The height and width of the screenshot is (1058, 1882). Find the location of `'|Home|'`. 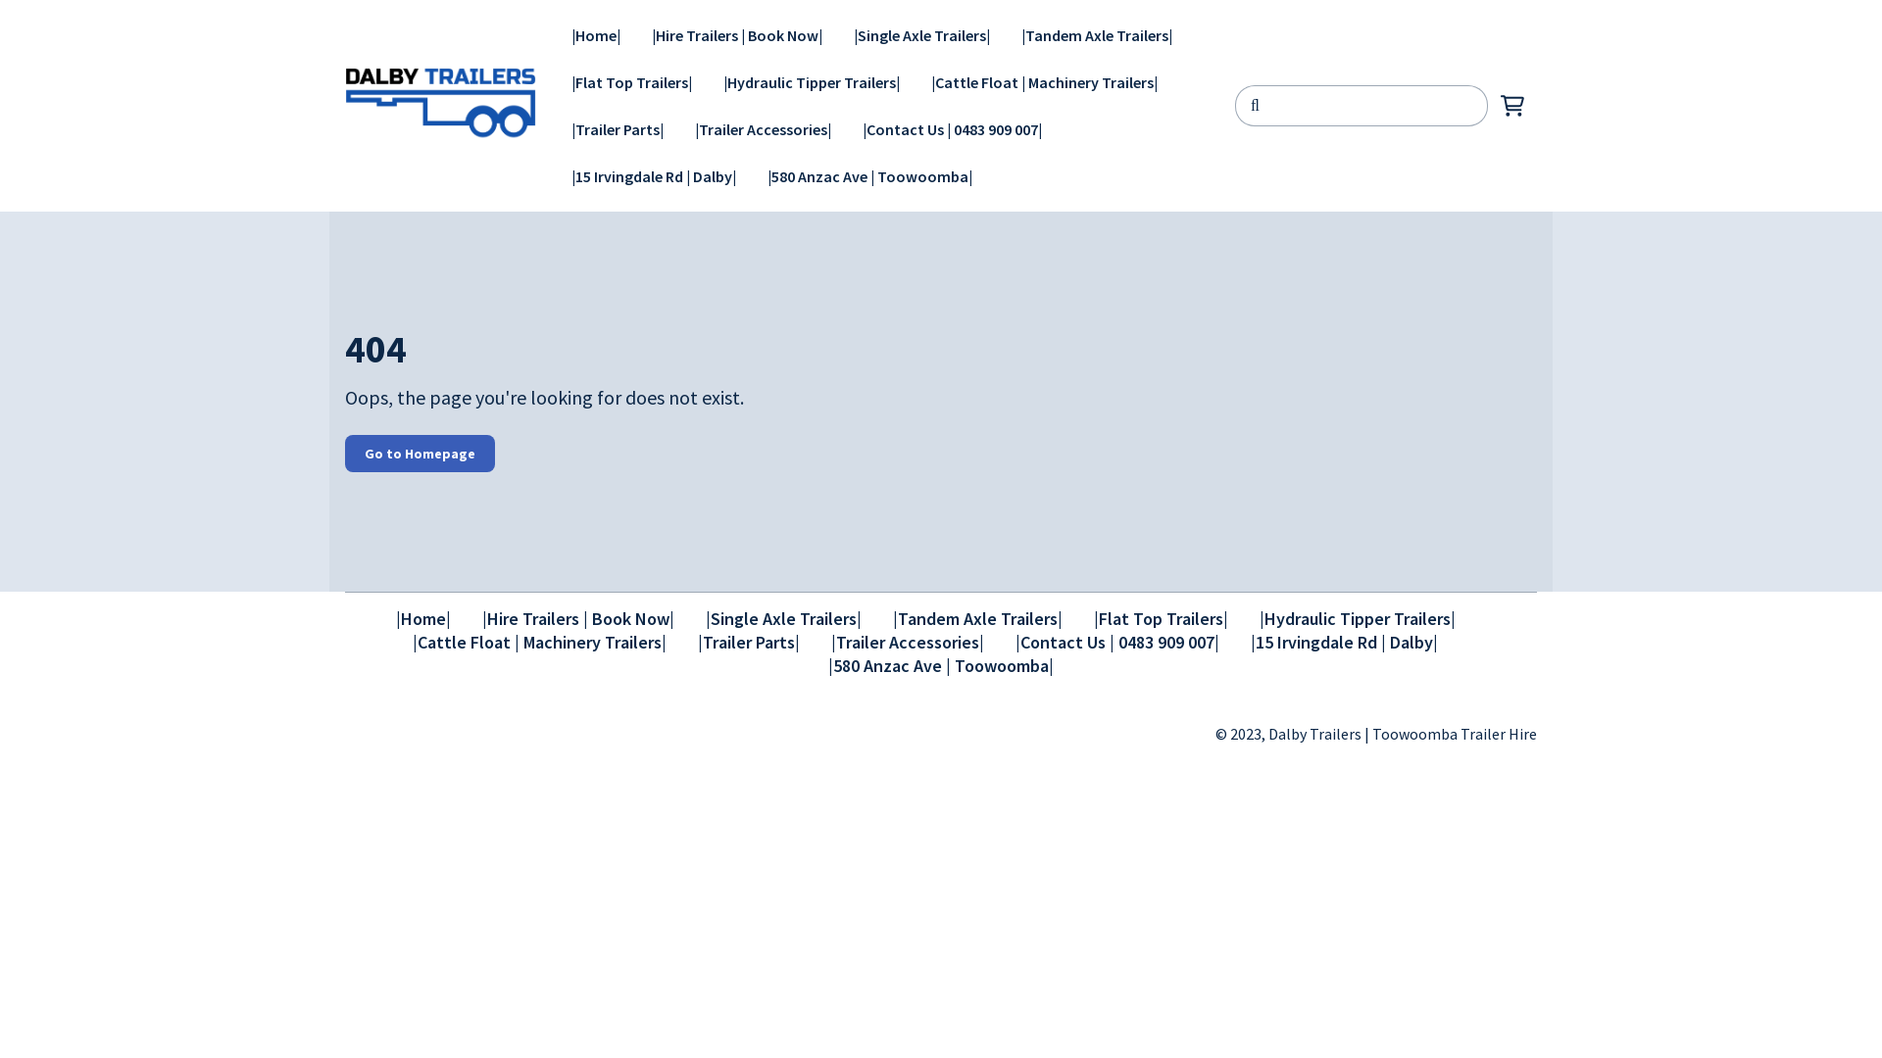

'|Home|' is located at coordinates (554, 34).